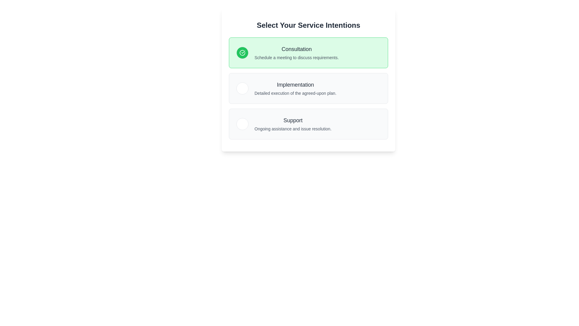 The width and height of the screenshot is (579, 326). I want to click on the descriptive text block that explains the 'Support' service option, which is located in the third row beneath 'Implementation' and aligned to the left inside its card-like structure, so click(293, 124).